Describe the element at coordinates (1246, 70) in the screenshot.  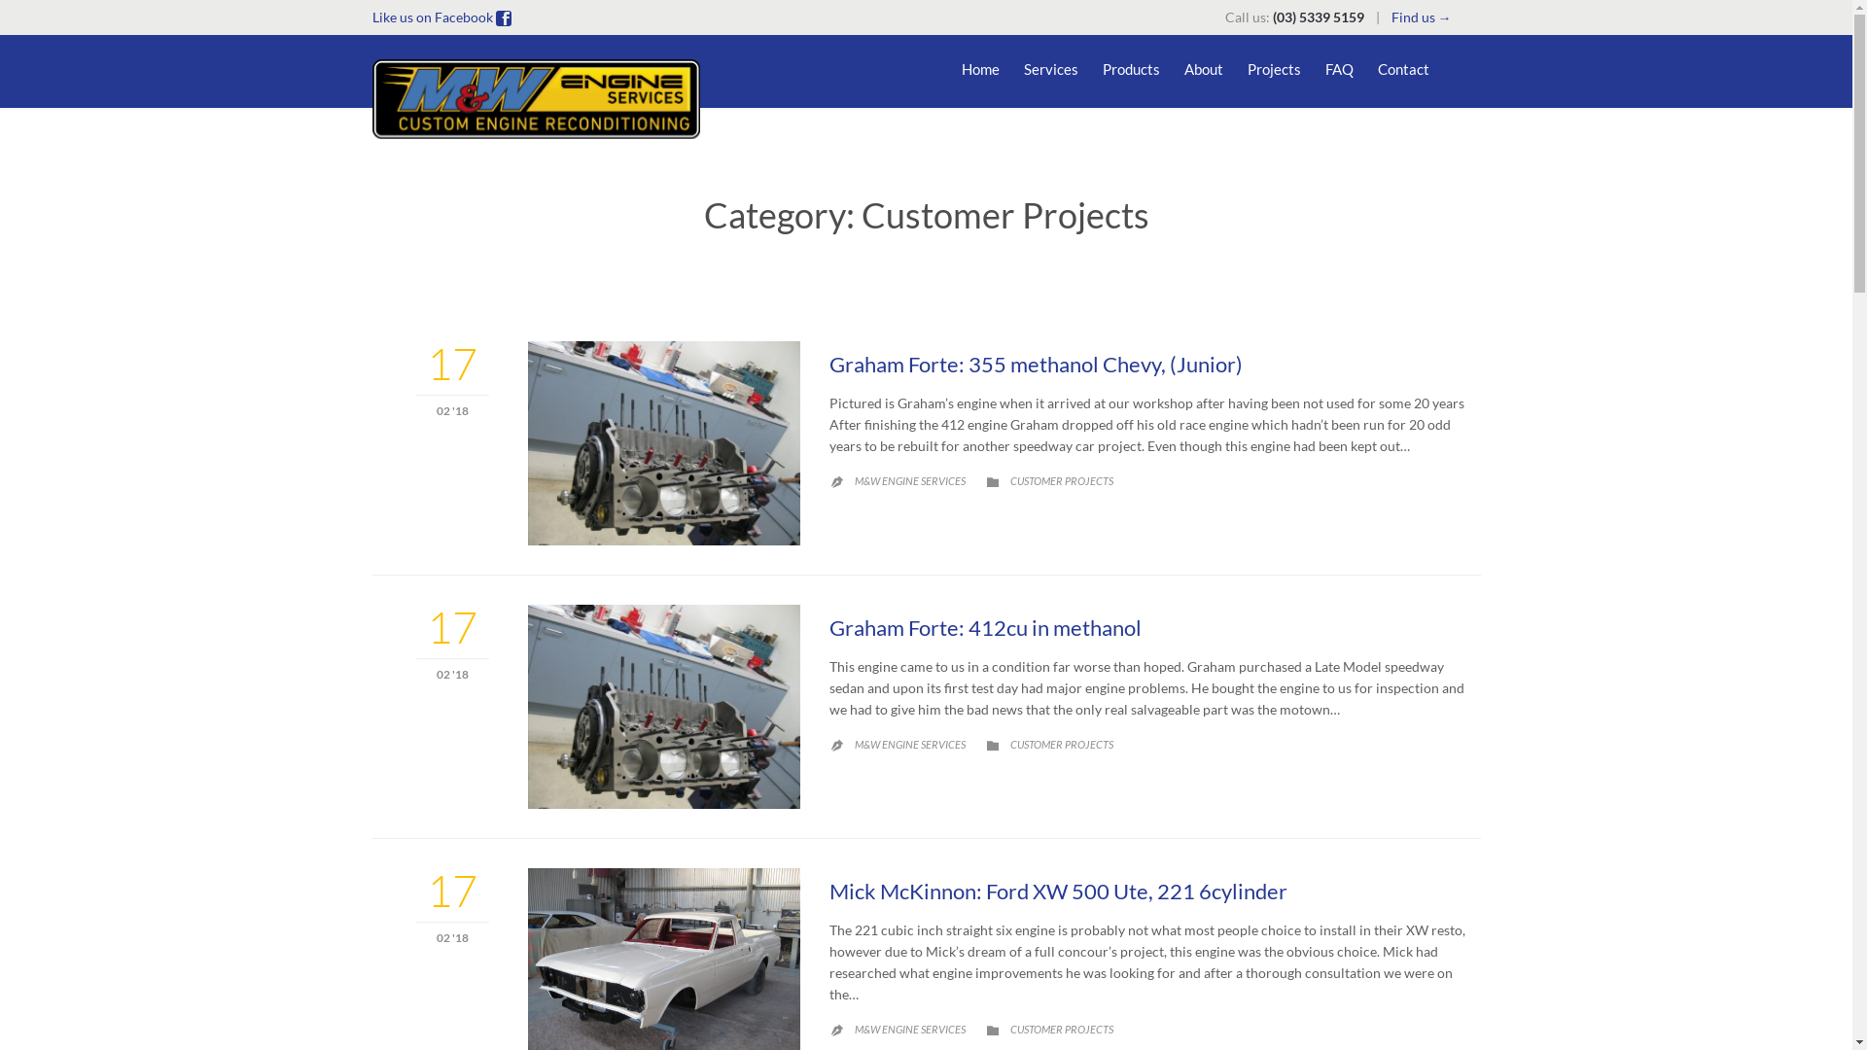
I see `'Projects'` at that location.